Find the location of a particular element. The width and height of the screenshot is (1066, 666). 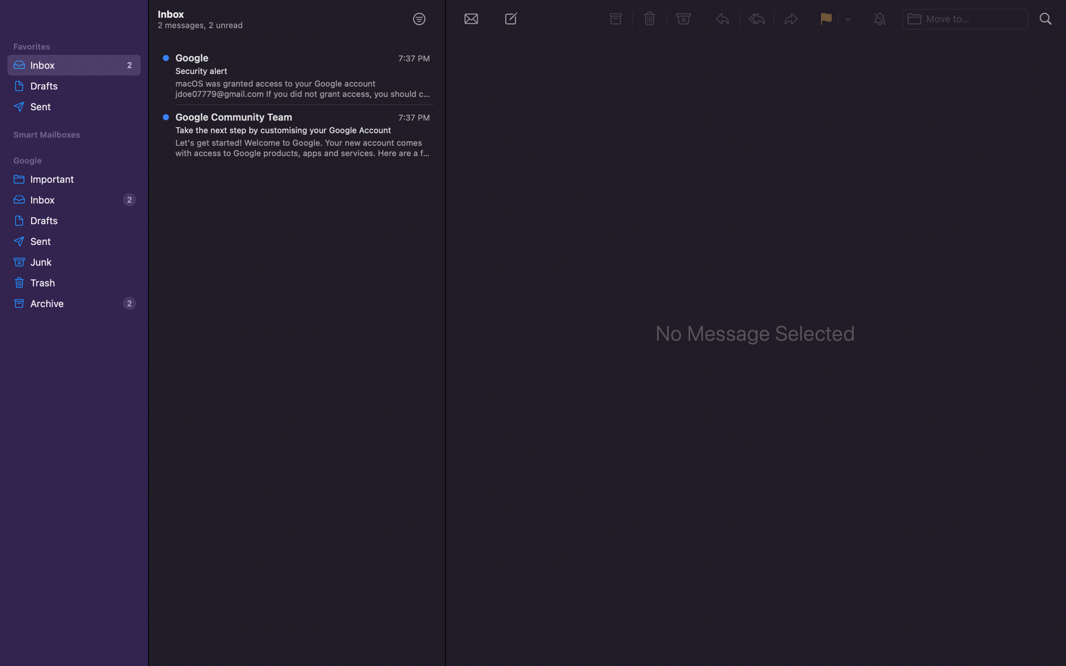

Update the flag color is located at coordinates (847, 19).